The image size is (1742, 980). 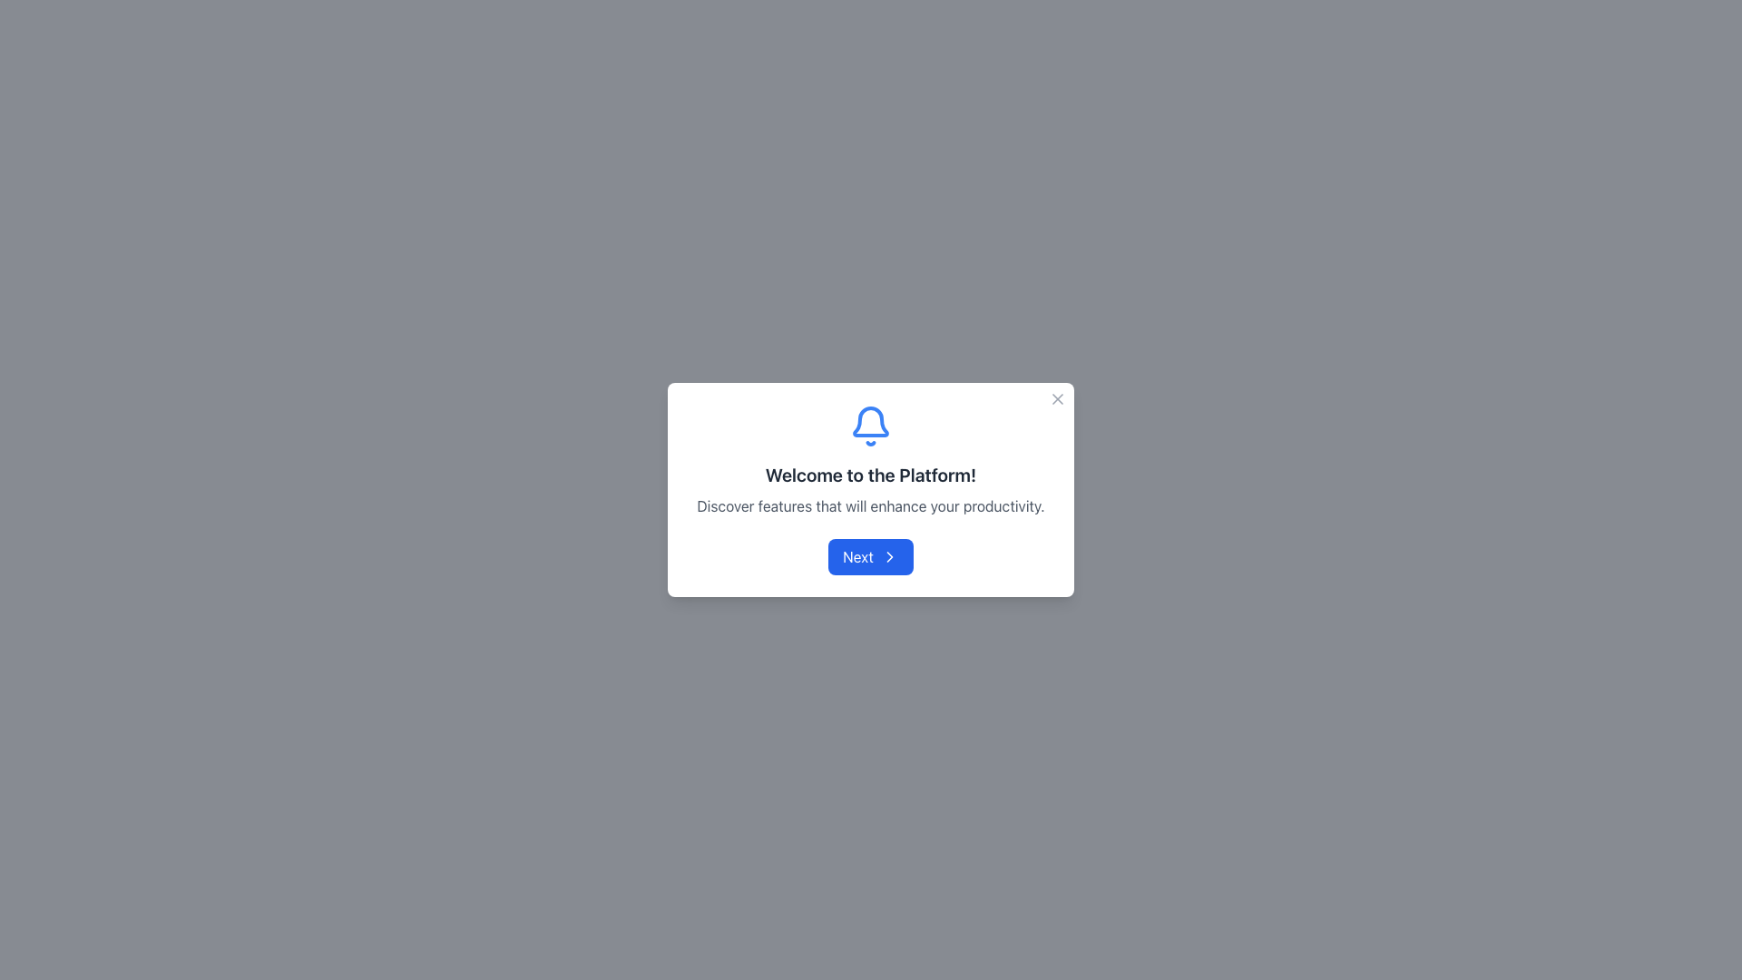 I want to click on the close button represented by a small 'X' icon at the top right corner of the panel, so click(x=1058, y=397).